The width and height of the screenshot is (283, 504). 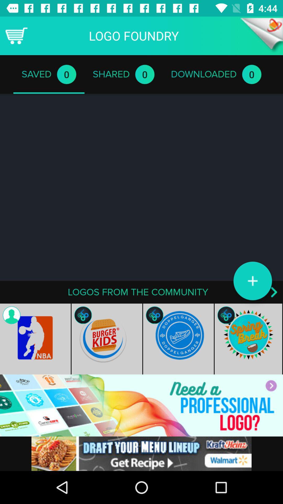 What do you see at coordinates (252, 281) in the screenshot?
I see `the add icon` at bounding box center [252, 281].